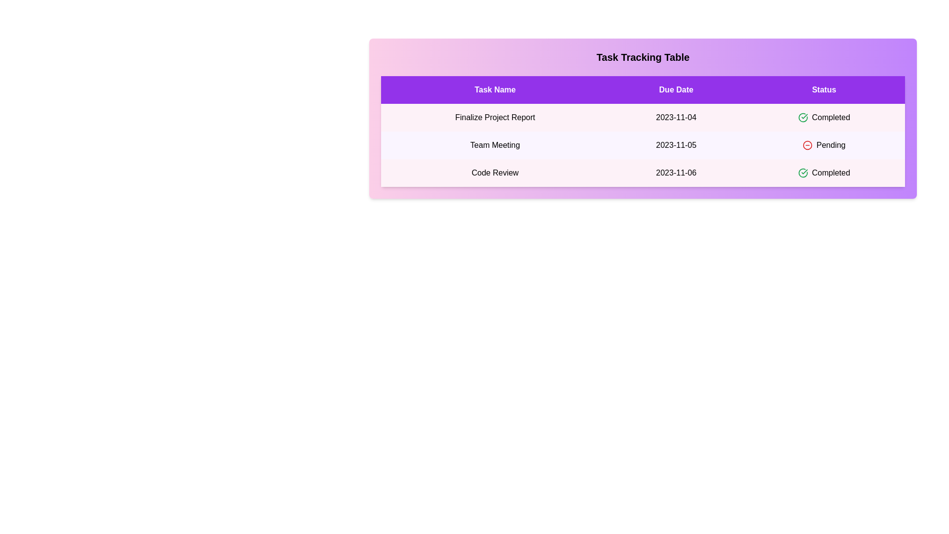  Describe the element at coordinates (495, 89) in the screenshot. I see `the Task Name header to sort the table by that column` at that location.